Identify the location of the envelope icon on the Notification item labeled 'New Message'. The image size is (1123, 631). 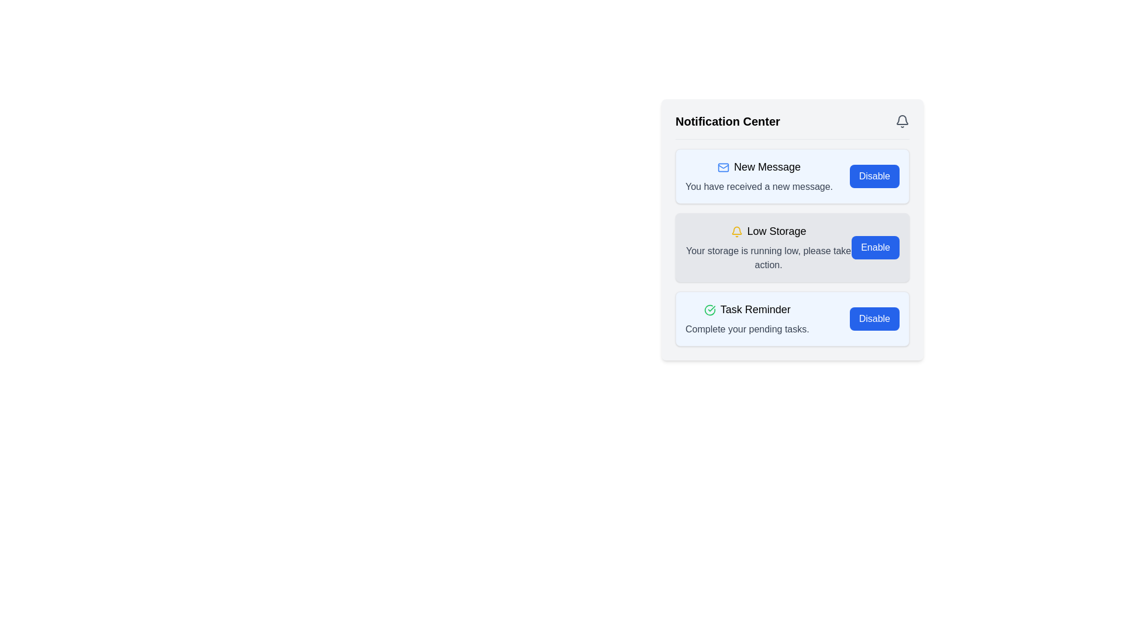
(759, 176).